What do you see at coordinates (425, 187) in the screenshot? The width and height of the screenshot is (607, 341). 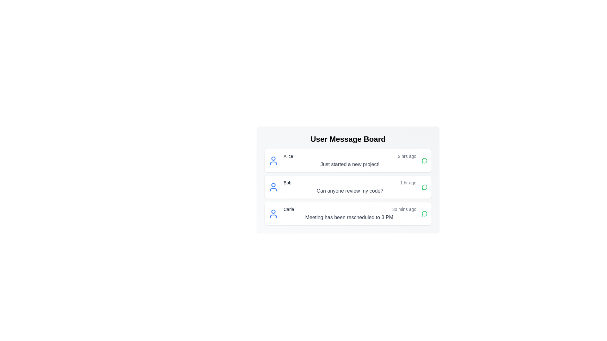 I see `the action button for the message from Bob` at bounding box center [425, 187].